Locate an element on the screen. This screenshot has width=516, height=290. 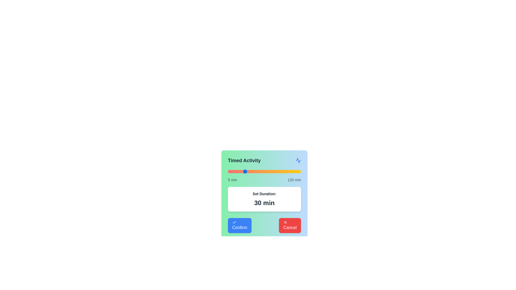
the slider to set the activity duration to 86 minutes is located at coordinates (279, 172).